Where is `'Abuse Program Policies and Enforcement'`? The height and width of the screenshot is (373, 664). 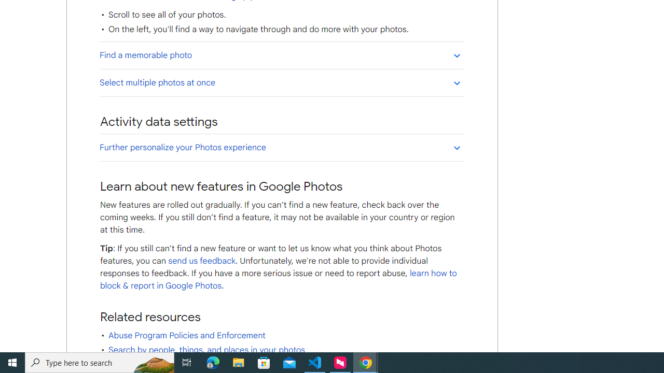
'Abuse Program Policies and Enforcement' is located at coordinates (187, 336).